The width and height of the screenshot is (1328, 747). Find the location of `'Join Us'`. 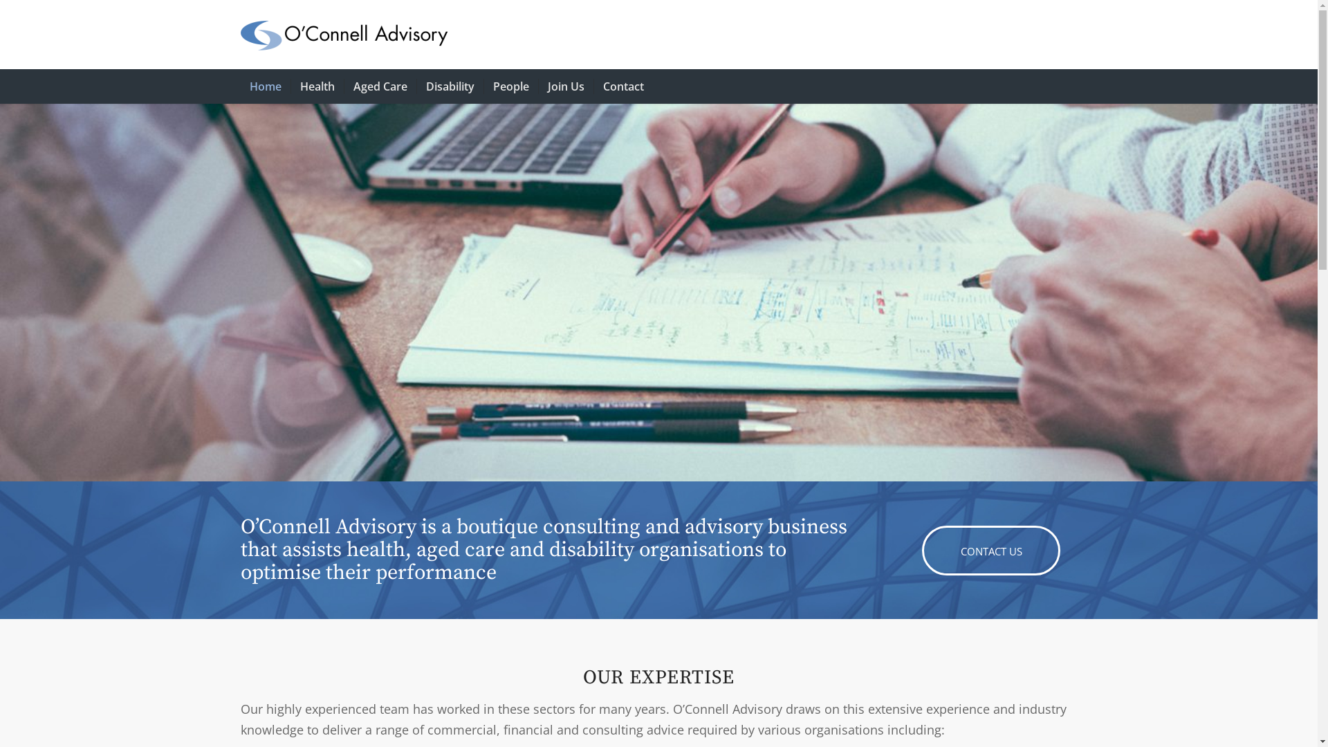

'Join Us' is located at coordinates (537, 86).